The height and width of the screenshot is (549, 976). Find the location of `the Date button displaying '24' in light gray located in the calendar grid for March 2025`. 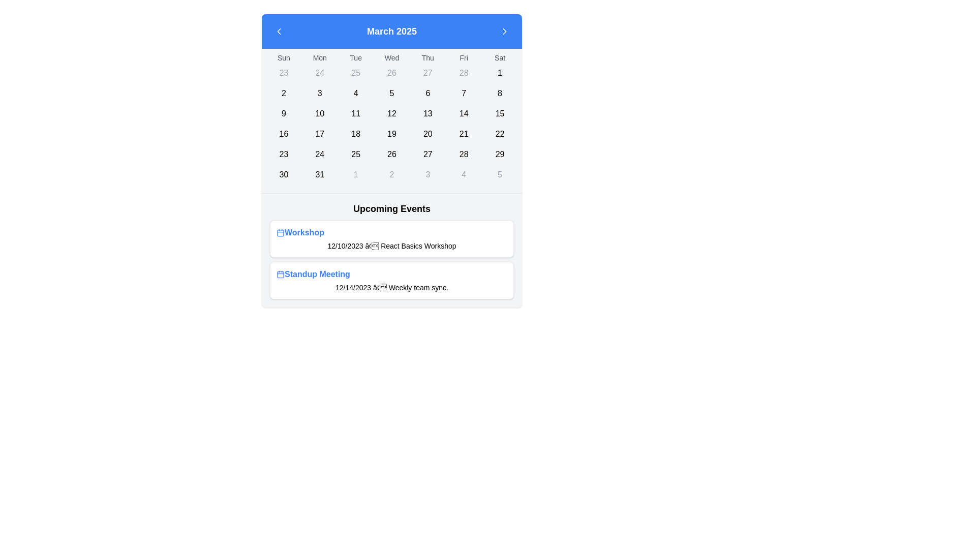

the Date button displaying '24' in light gray located in the calendar grid for March 2025 is located at coordinates (319, 72).